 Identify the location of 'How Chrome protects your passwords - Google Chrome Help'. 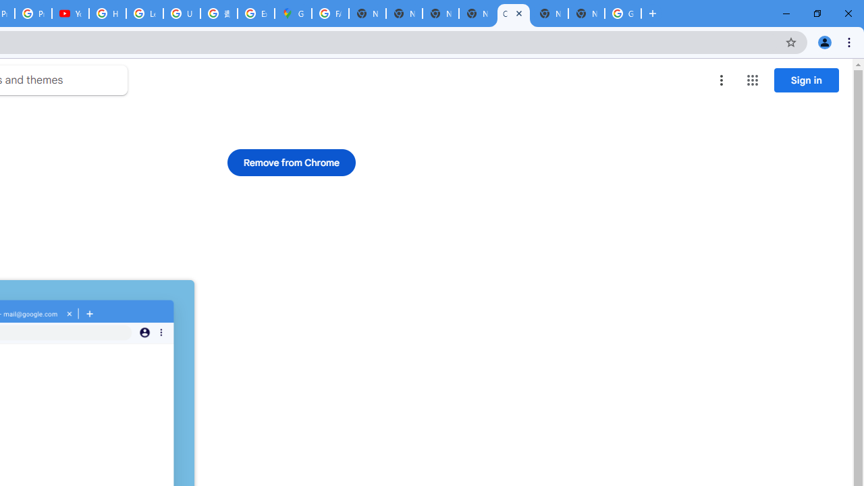
(107, 13).